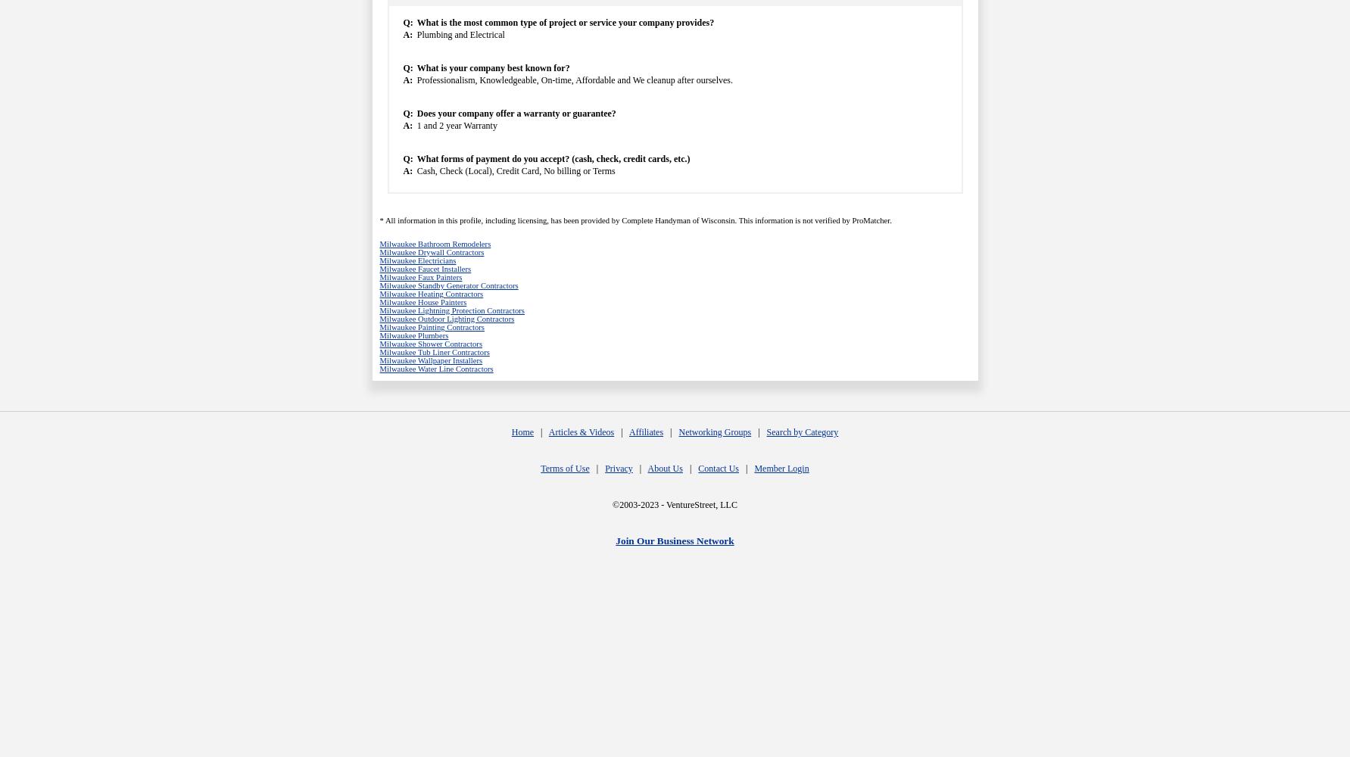  I want to click on '1 and 2 year Warranty', so click(457, 126).